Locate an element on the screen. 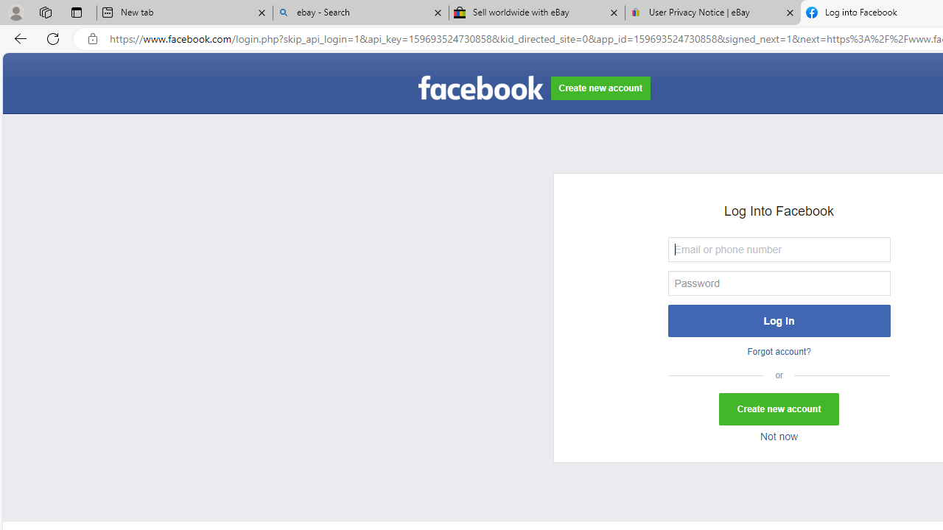 Image resolution: width=943 pixels, height=530 pixels. 'Log In' is located at coordinates (778, 319).